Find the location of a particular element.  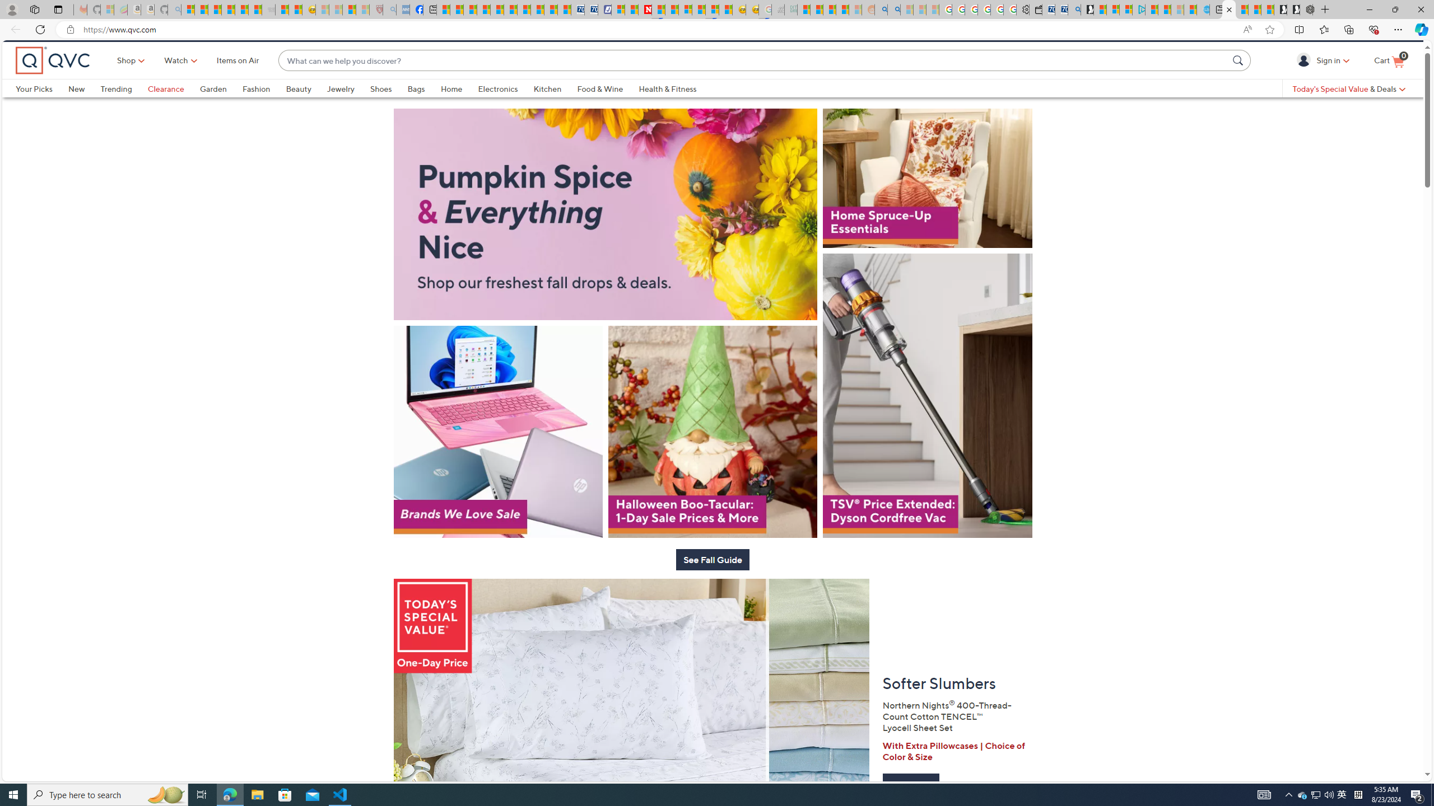

'QVC home' is located at coordinates (52, 79).